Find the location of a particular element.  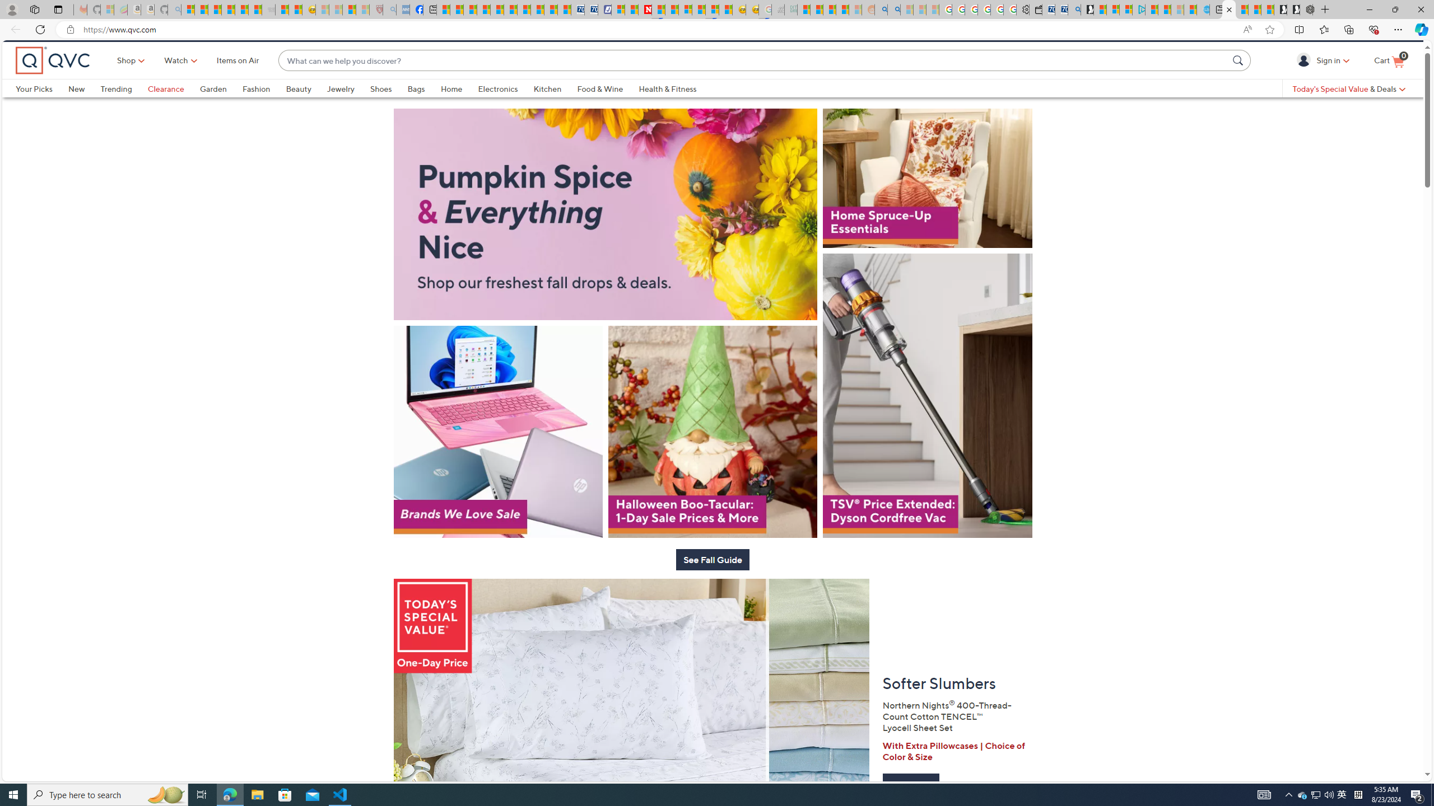

'QVC home' is located at coordinates (52, 79).